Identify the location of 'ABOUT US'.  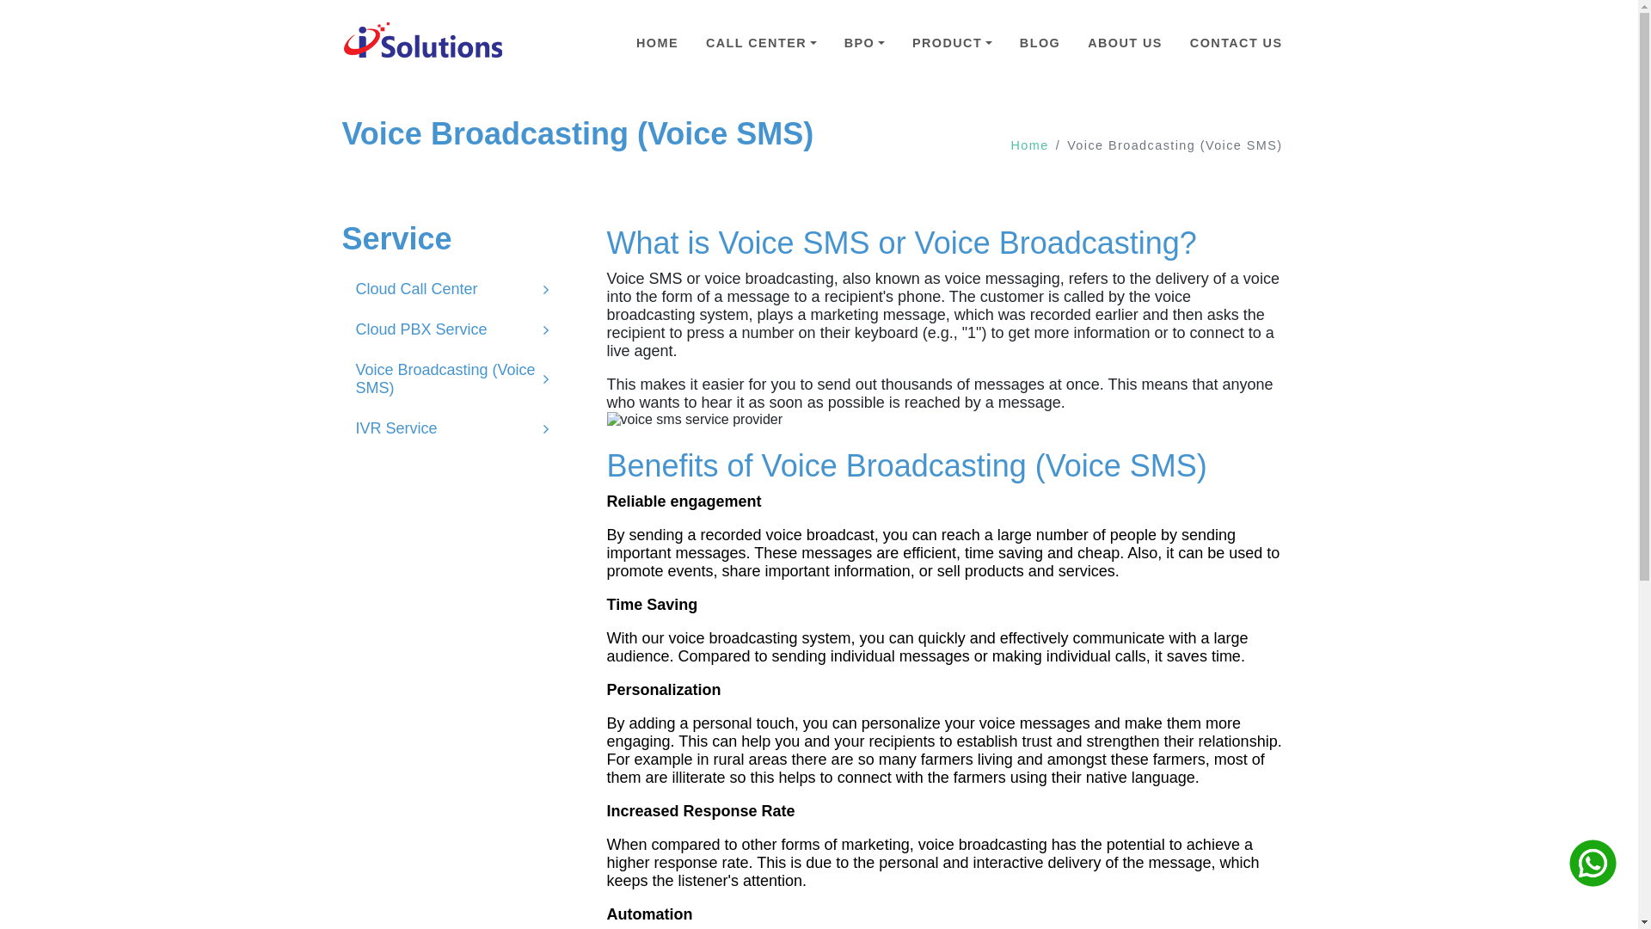
(1125, 42).